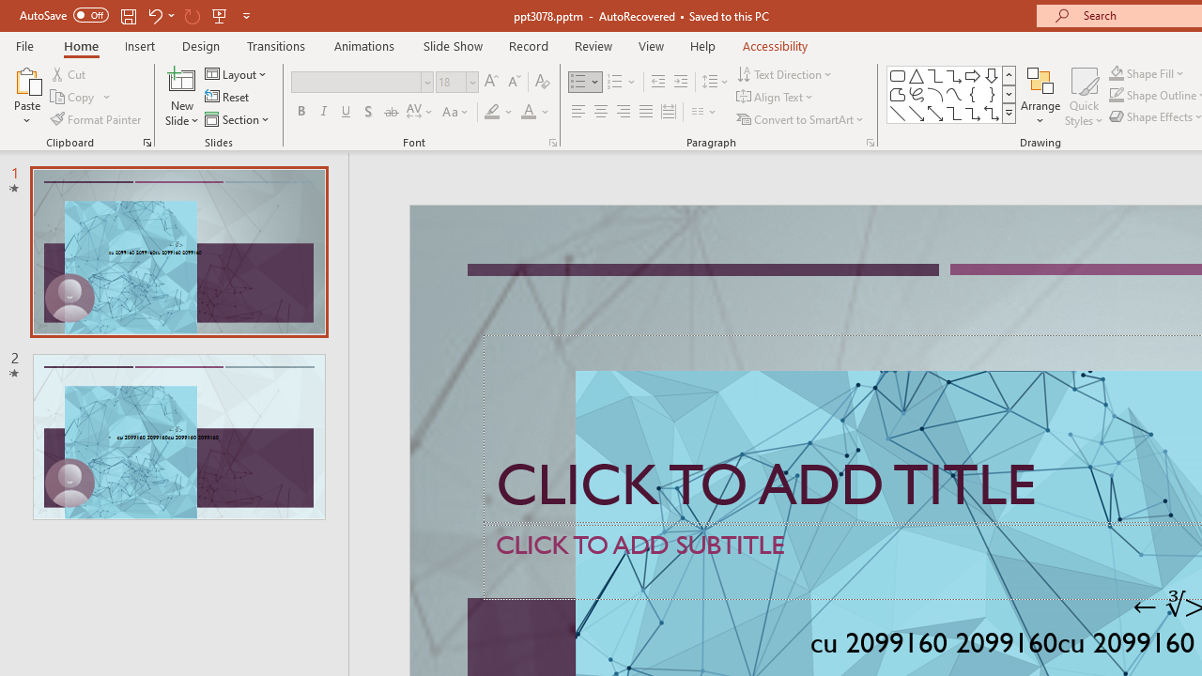  Describe the element at coordinates (347, 112) in the screenshot. I see `'Underline'` at that location.